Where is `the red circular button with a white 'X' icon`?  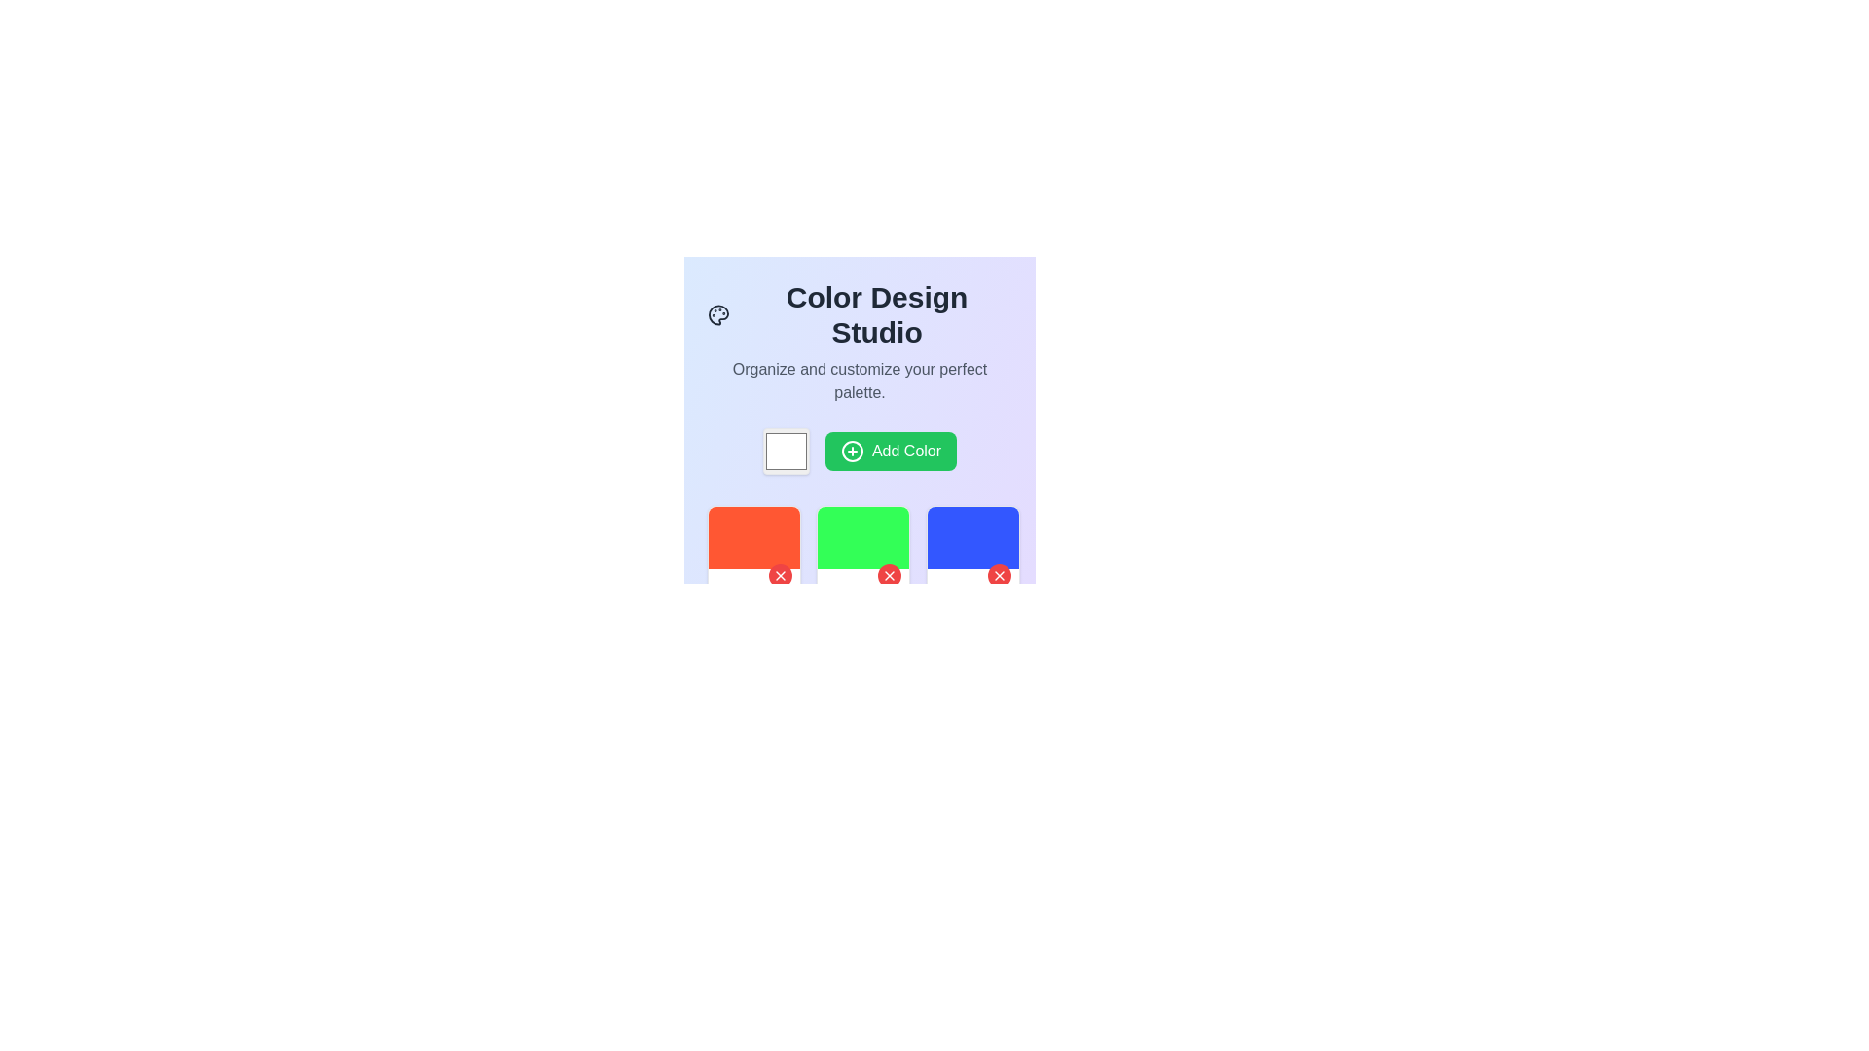 the red circular button with a white 'X' icon is located at coordinates (780, 576).